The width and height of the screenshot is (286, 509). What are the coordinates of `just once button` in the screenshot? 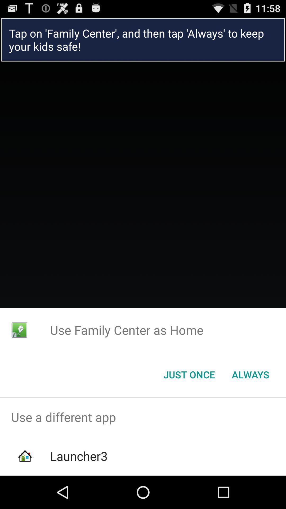 It's located at (189, 374).